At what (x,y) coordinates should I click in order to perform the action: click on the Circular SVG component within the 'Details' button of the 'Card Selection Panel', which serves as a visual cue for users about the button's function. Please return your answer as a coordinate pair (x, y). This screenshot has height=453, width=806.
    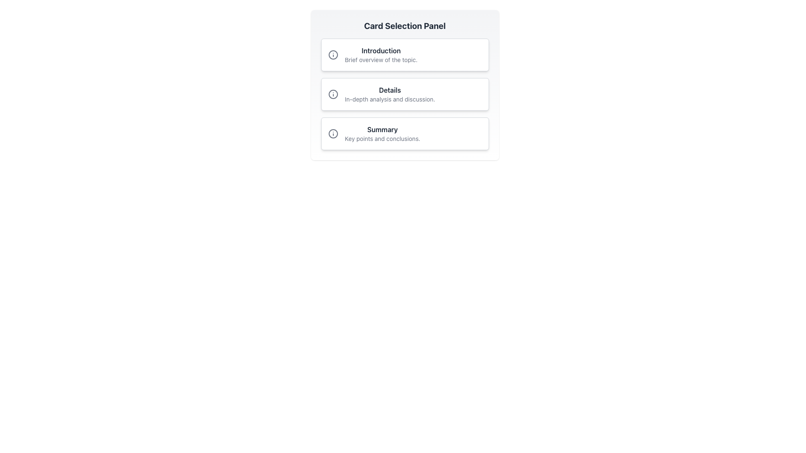
    Looking at the image, I should click on (332, 94).